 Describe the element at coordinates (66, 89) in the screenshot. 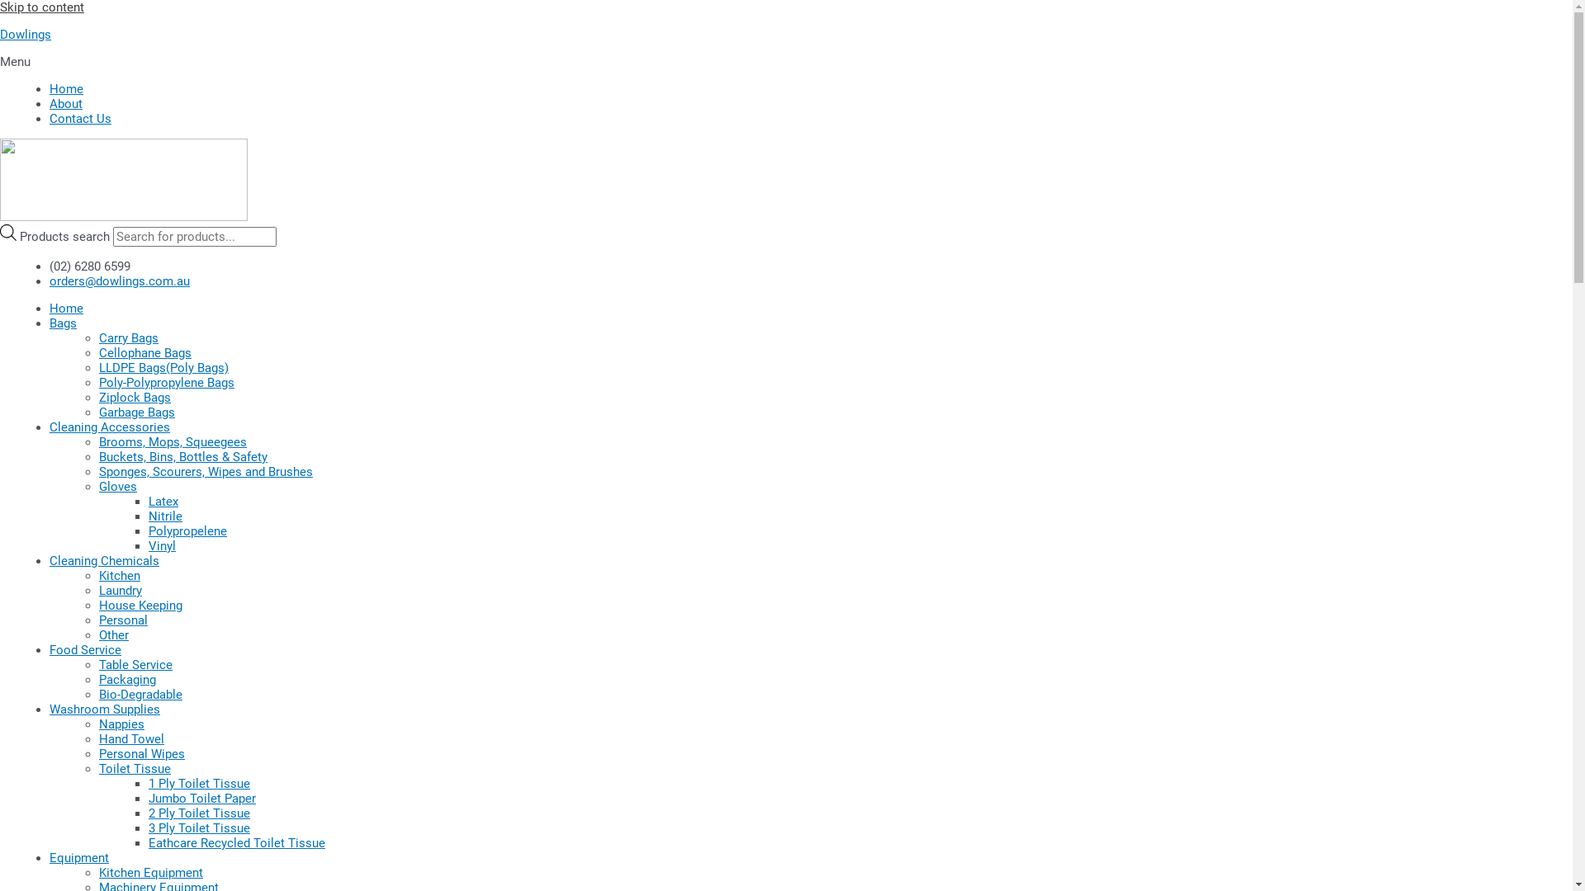

I see `'Home'` at that location.